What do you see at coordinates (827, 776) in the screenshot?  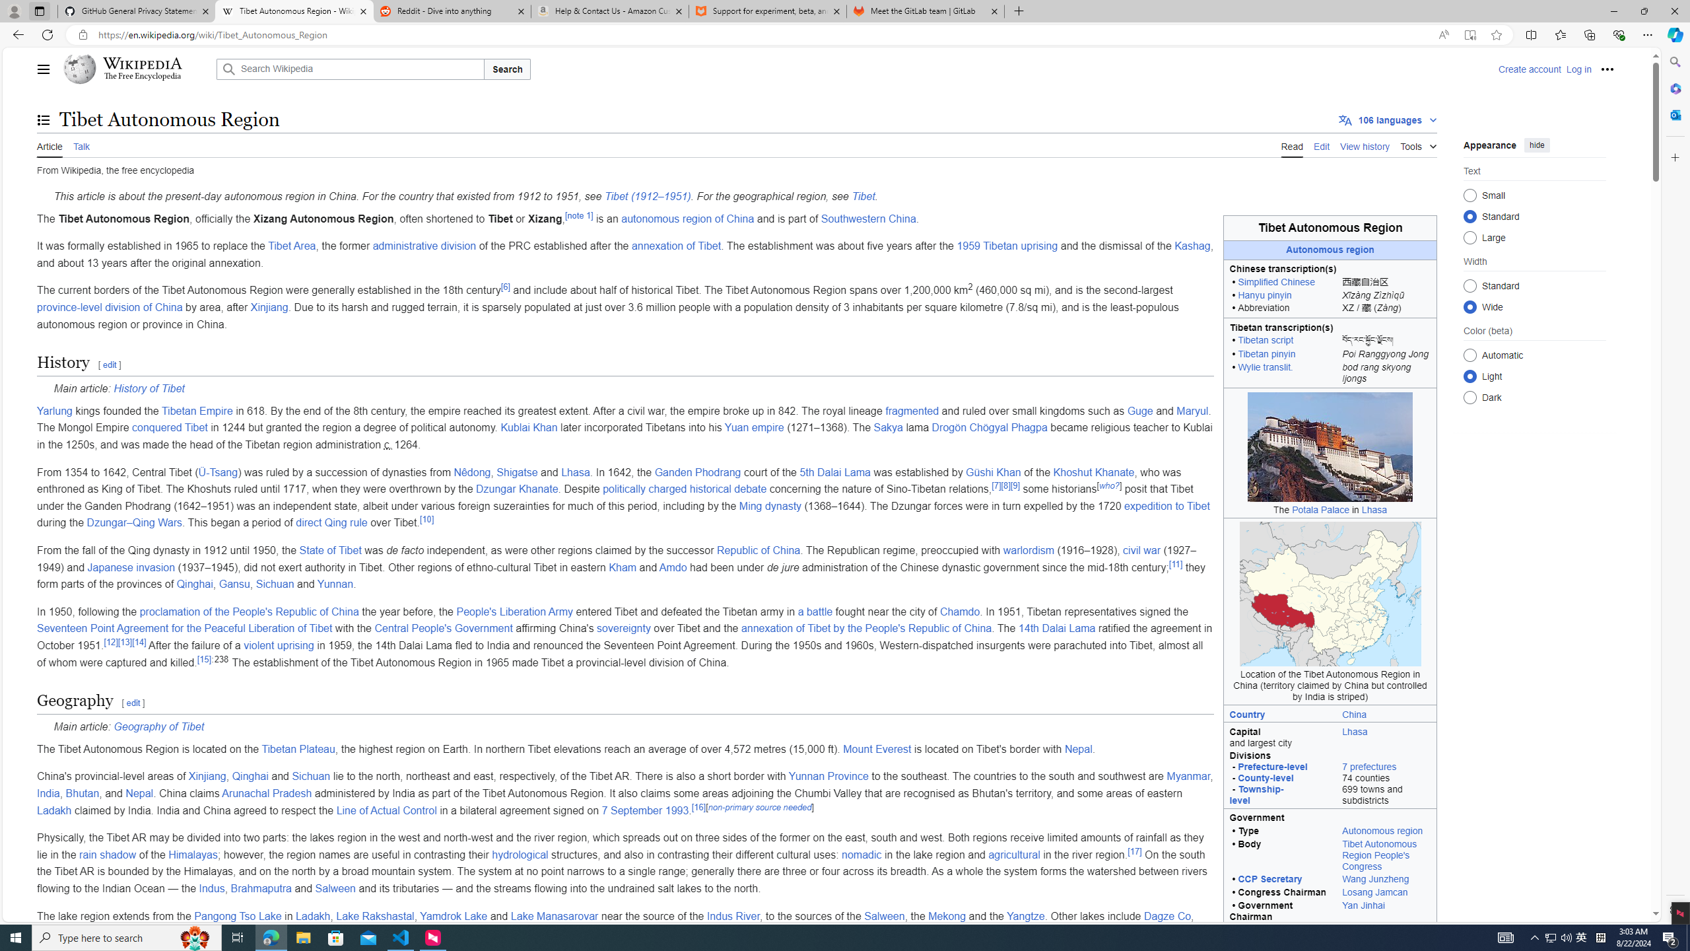 I see `'Yunnan Province'` at bounding box center [827, 776].